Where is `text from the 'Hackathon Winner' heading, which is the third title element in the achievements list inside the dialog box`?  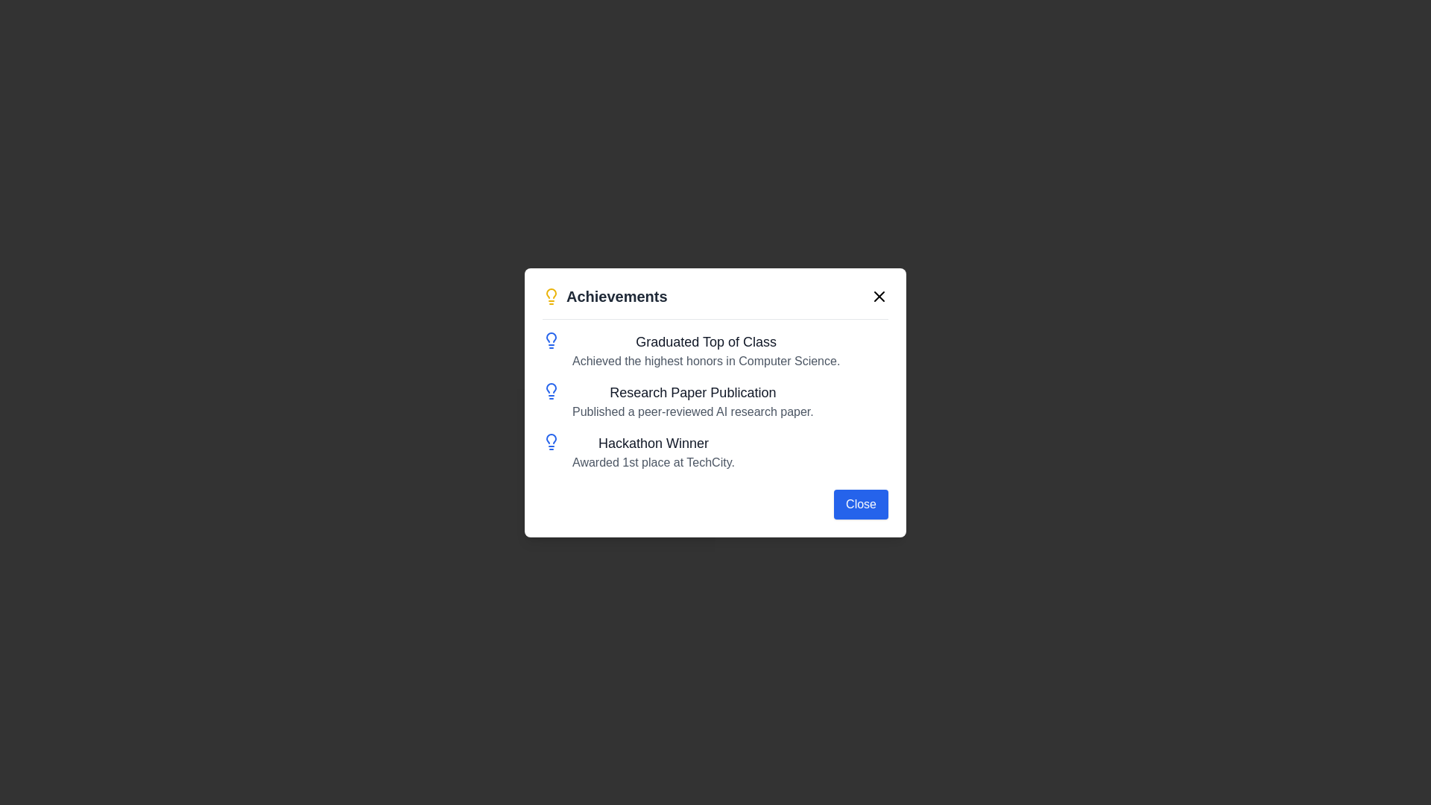 text from the 'Hackathon Winner' heading, which is the third title element in the achievements list inside the dialog box is located at coordinates (653, 442).